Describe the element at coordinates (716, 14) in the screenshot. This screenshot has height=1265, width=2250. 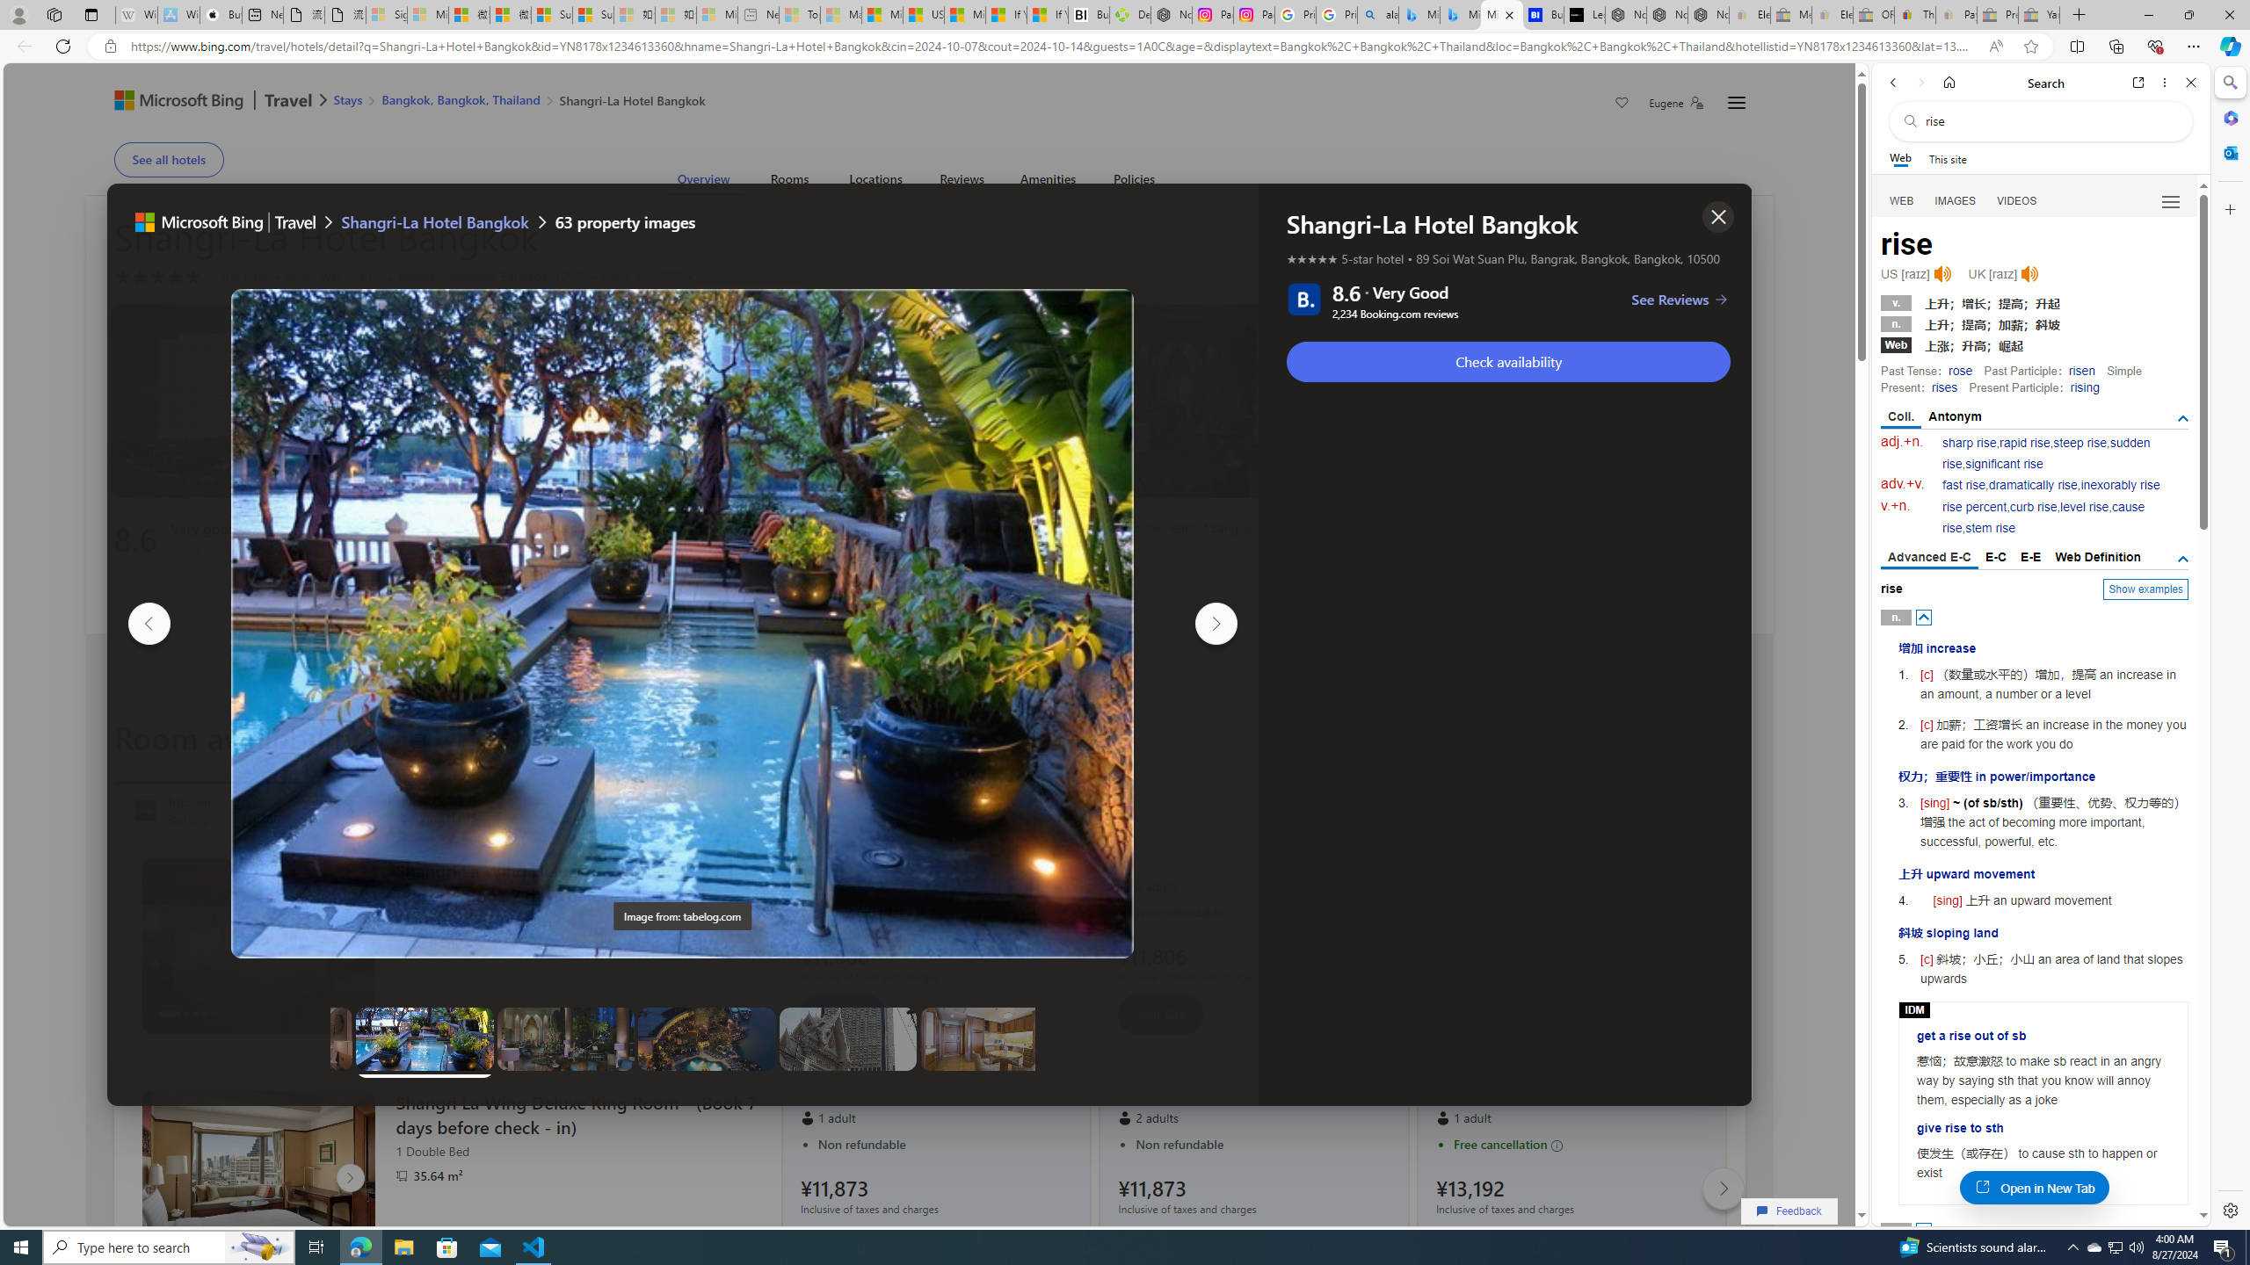
I see `'Microsoft account | Account Checkup - Sleeping'` at that location.